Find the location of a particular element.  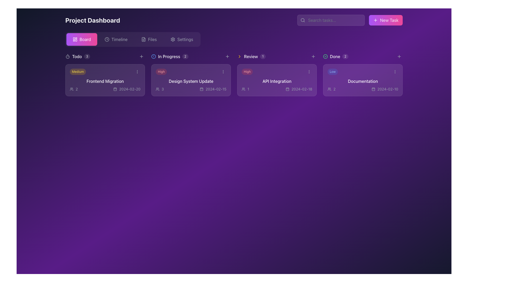

the circular '+' button is located at coordinates (399, 57).